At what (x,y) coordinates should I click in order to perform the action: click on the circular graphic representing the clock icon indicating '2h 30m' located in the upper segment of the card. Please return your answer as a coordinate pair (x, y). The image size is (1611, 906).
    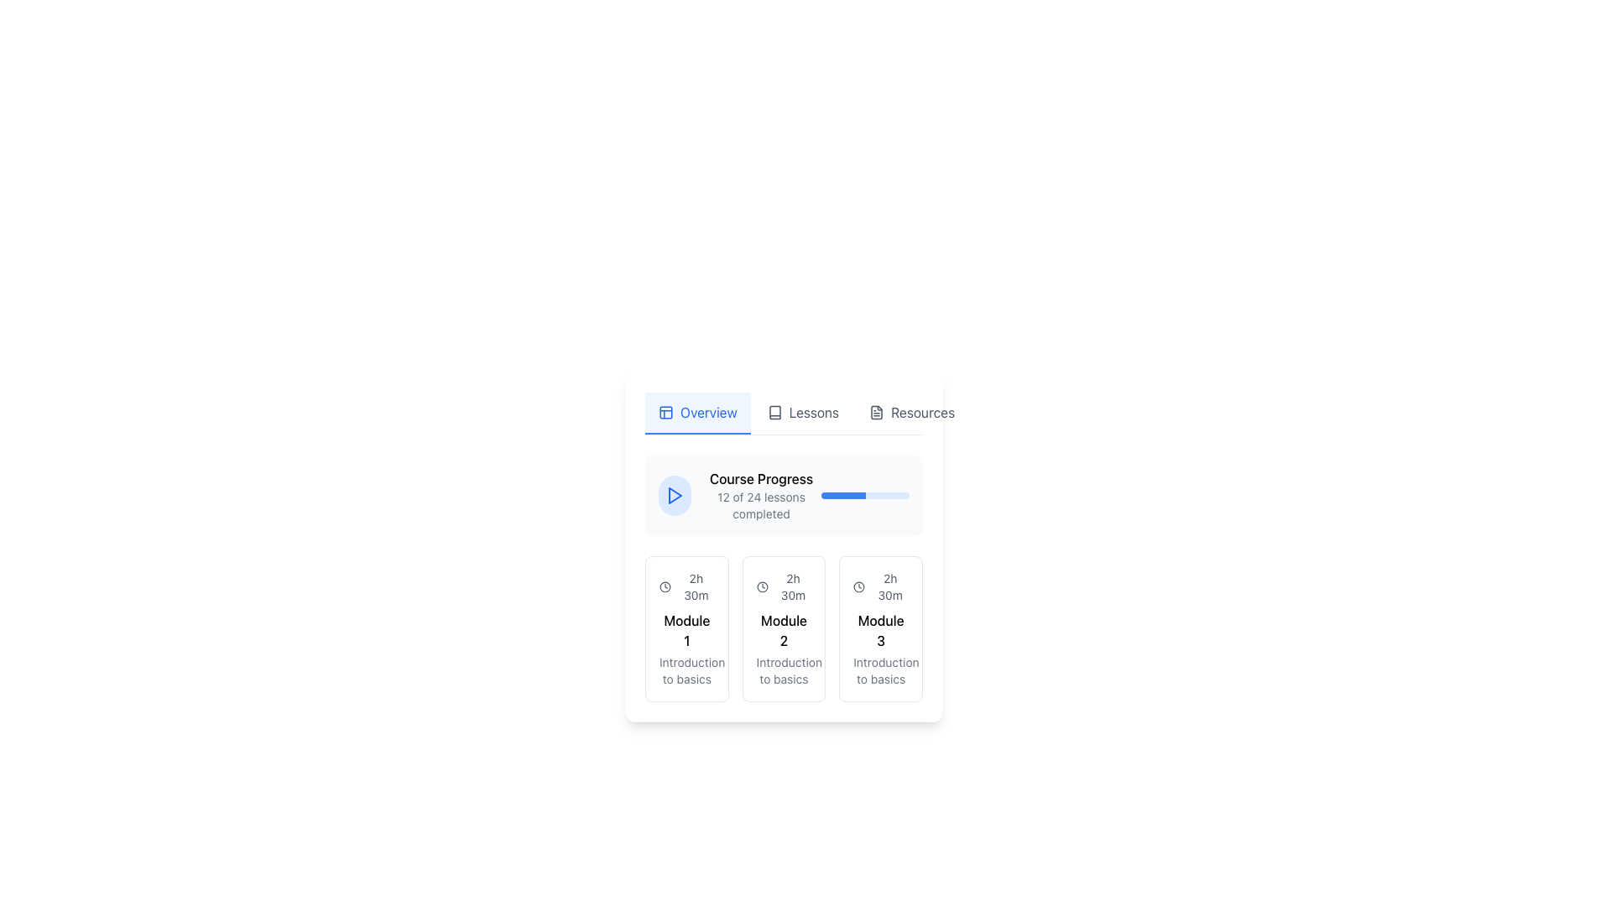
    Looking at the image, I should click on (859, 586).